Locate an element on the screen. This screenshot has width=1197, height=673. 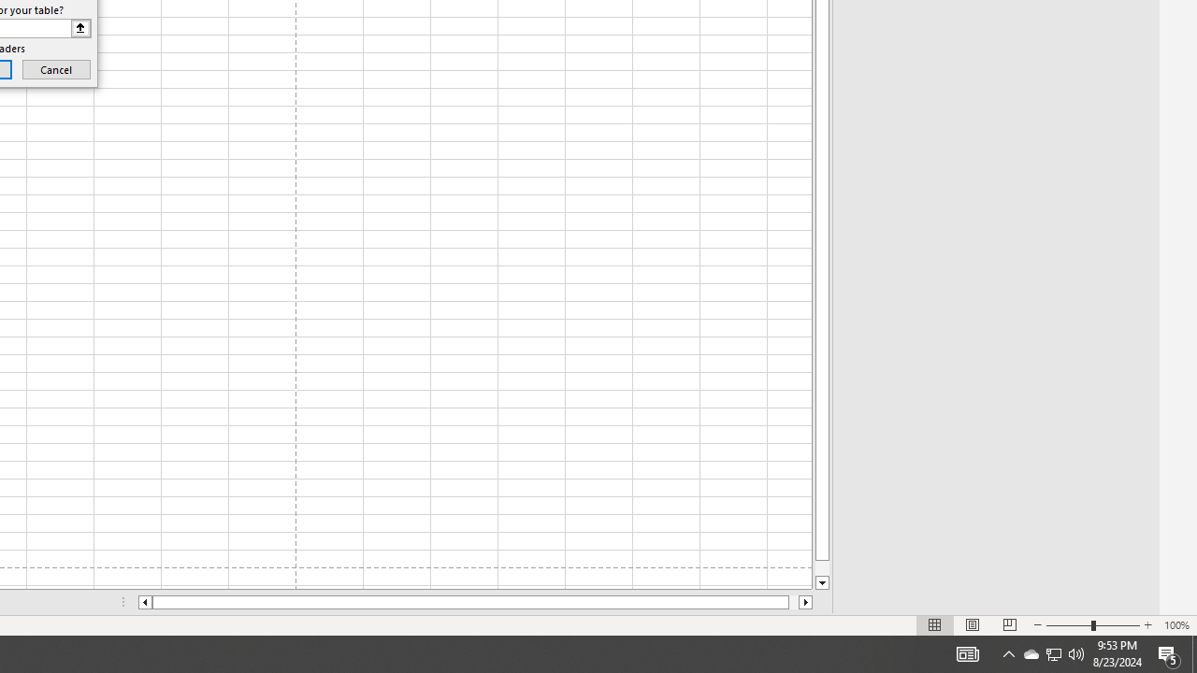
'Column left' is located at coordinates (143, 602).